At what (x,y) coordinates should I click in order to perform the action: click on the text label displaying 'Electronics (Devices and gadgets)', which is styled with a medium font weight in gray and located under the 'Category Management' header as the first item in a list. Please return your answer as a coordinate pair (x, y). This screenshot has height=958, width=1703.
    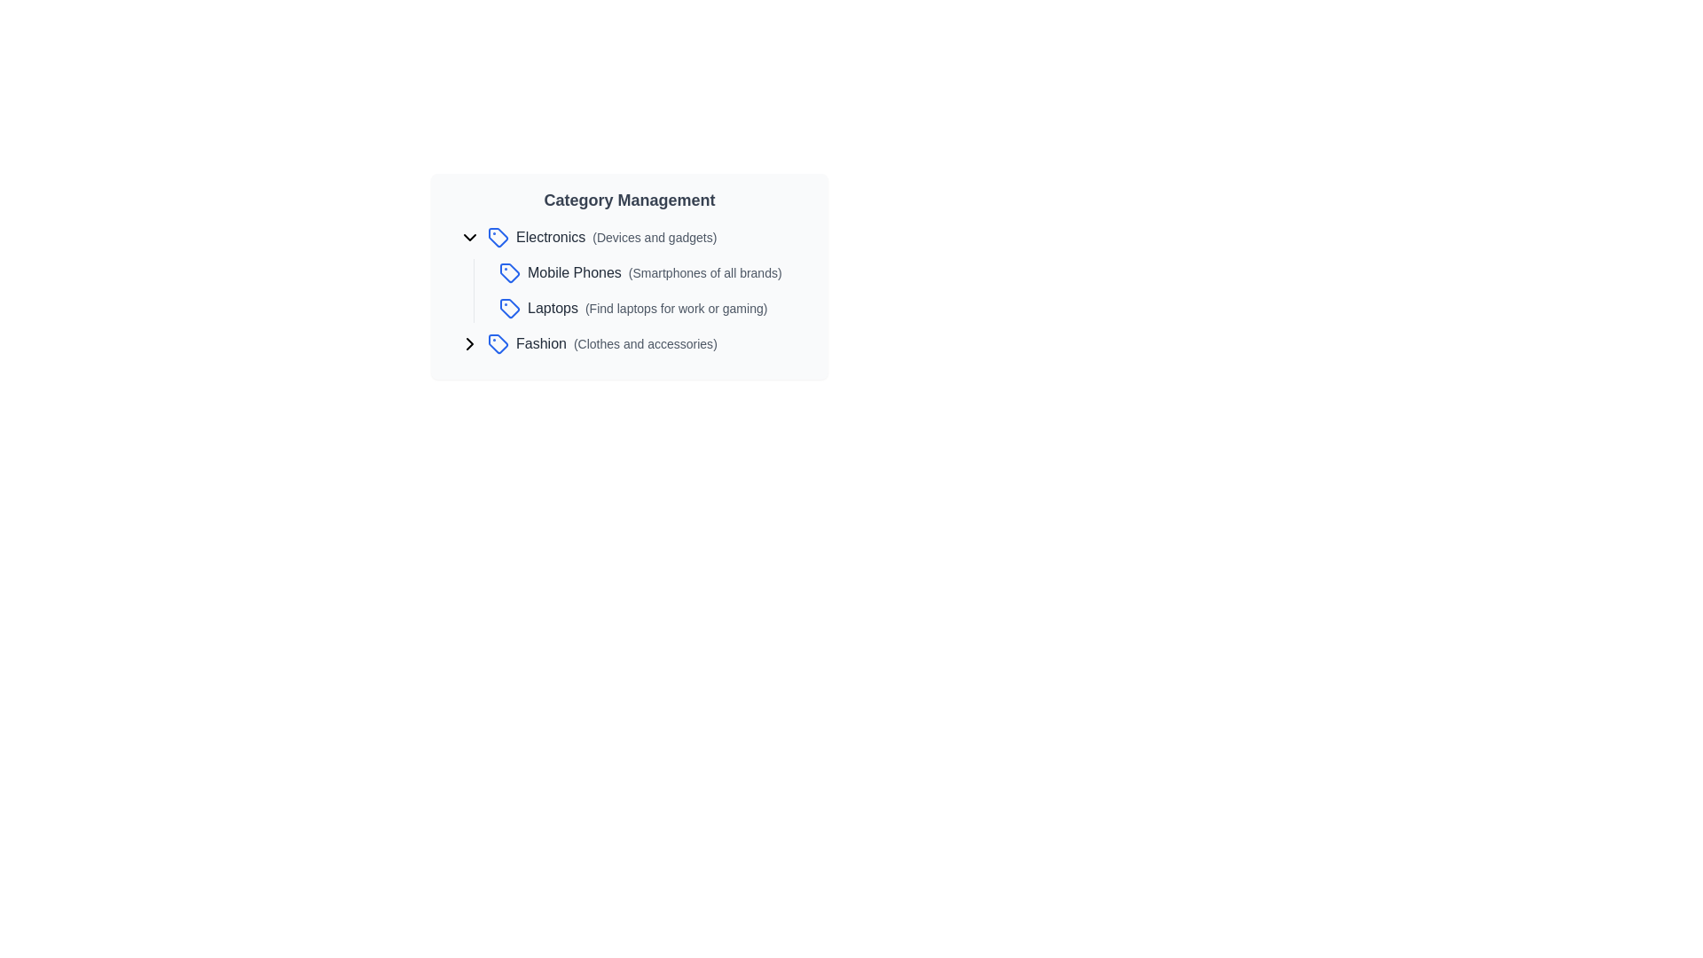
    Looking at the image, I should click on (616, 236).